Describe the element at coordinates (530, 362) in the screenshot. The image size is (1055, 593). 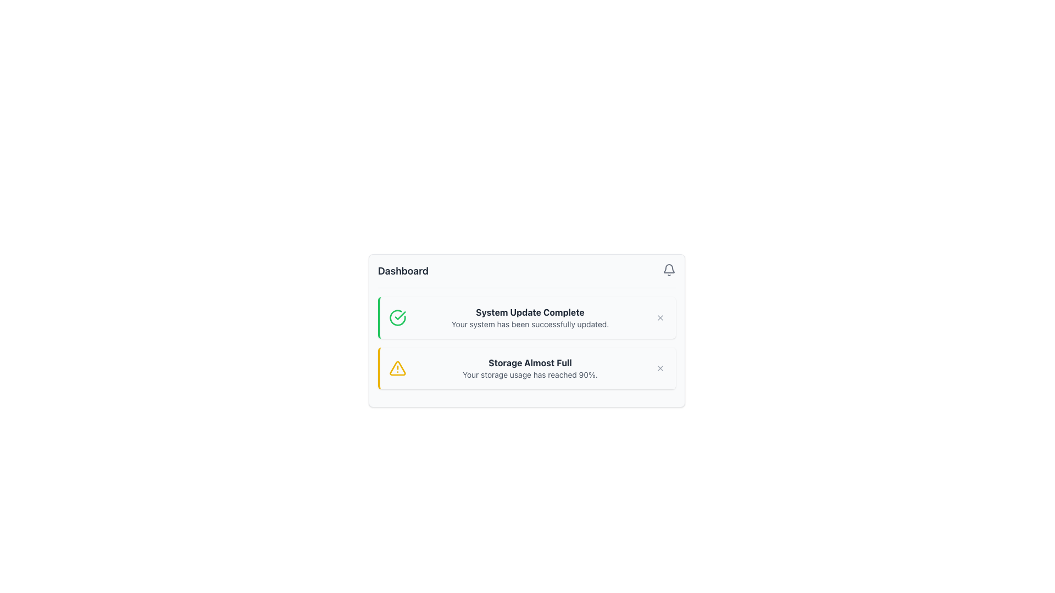
I see `message displayed in the text label that says 'Storage Almost Full', which is bold and dark gray, located in the middle section of a card within a list of notifications` at that location.